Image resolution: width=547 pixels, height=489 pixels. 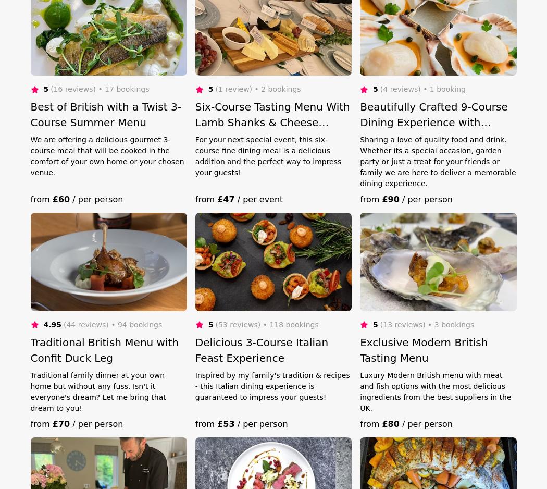 I want to click on '£70', so click(x=60, y=423).